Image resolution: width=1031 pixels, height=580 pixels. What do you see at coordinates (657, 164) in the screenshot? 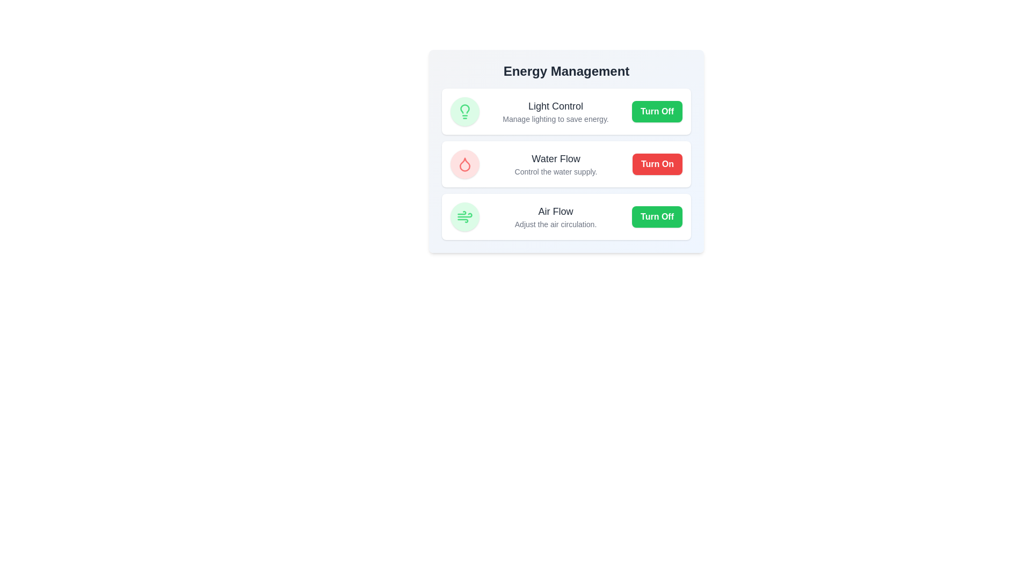
I see `the button located to the far right of the 'Water Flow' section in the 'Energy Management' card` at bounding box center [657, 164].